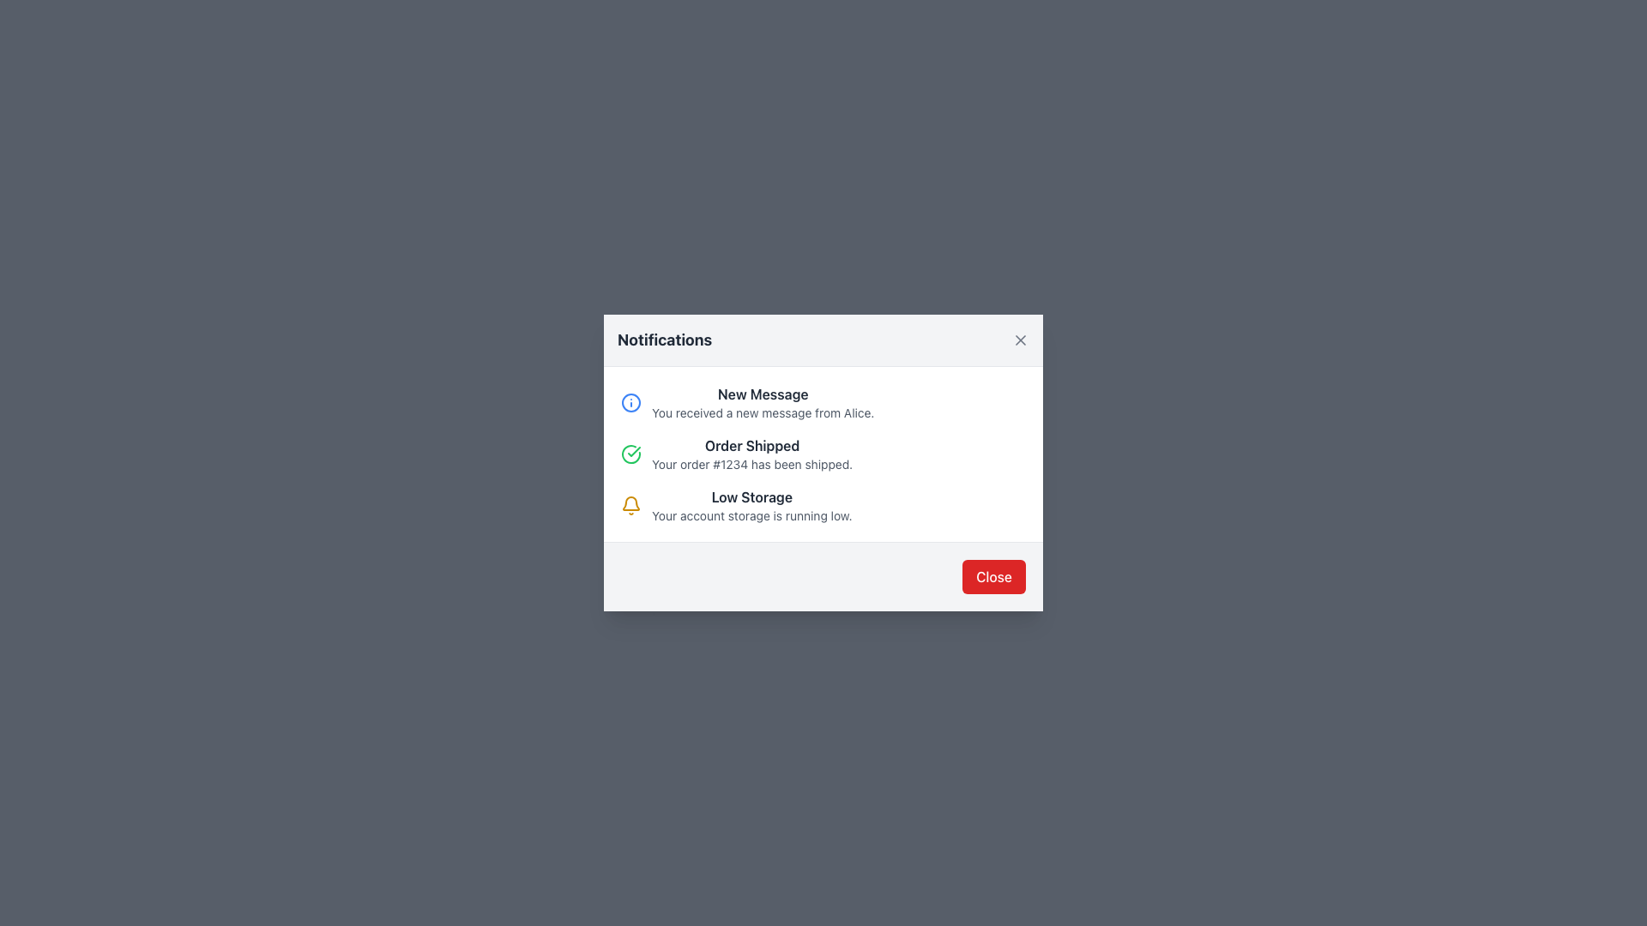 This screenshot has height=926, width=1647. Describe the element at coordinates (664, 340) in the screenshot. I see `the static text element that serves as the title for the notification center in the dialog box` at that location.